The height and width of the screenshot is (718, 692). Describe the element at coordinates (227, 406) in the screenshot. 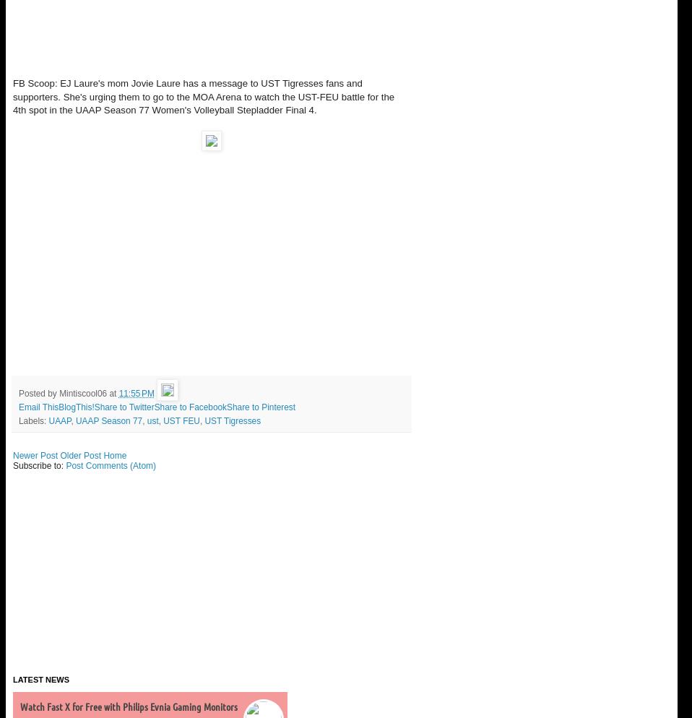

I see `'Share to Pinterest'` at that location.